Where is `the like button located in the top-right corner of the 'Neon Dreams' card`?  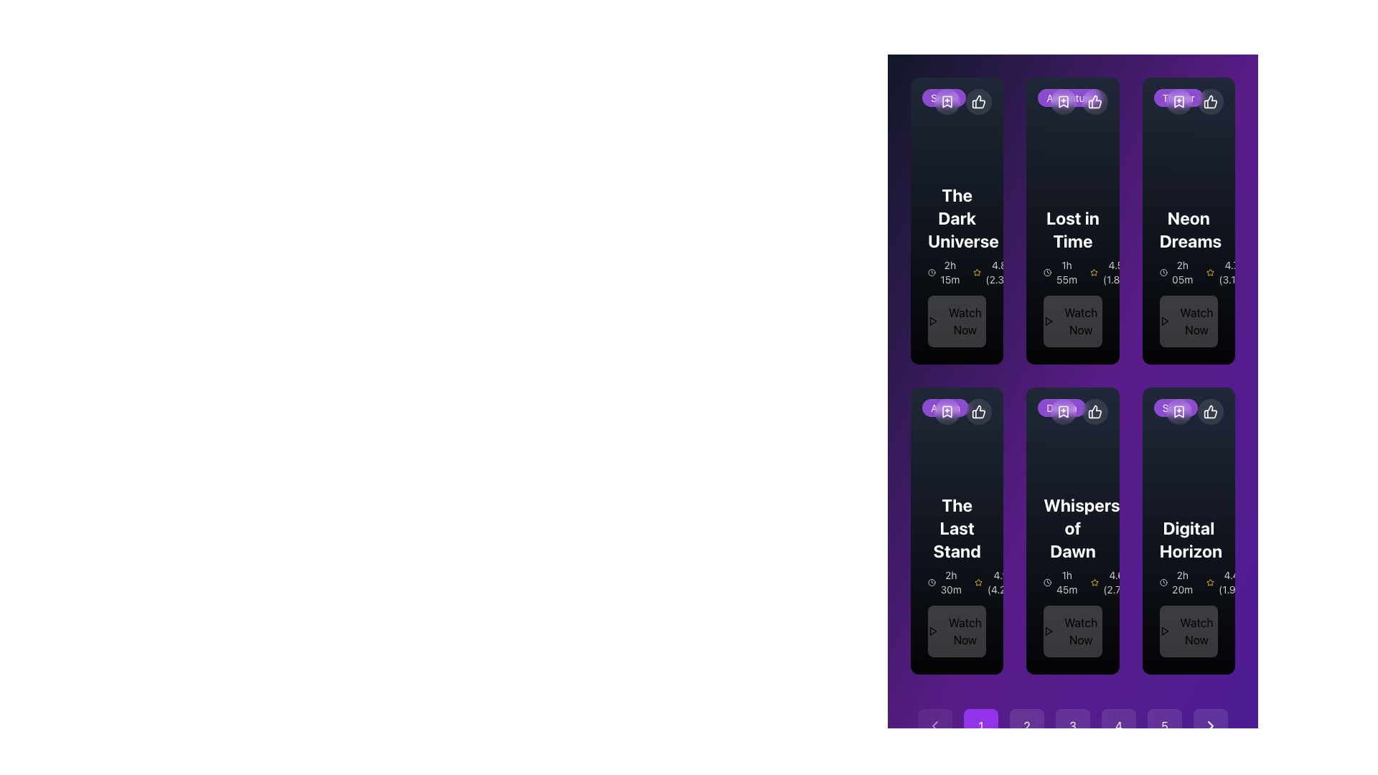
the like button located in the top-right corner of the 'Neon Dreams' card is located at coordinates (1209, 101).